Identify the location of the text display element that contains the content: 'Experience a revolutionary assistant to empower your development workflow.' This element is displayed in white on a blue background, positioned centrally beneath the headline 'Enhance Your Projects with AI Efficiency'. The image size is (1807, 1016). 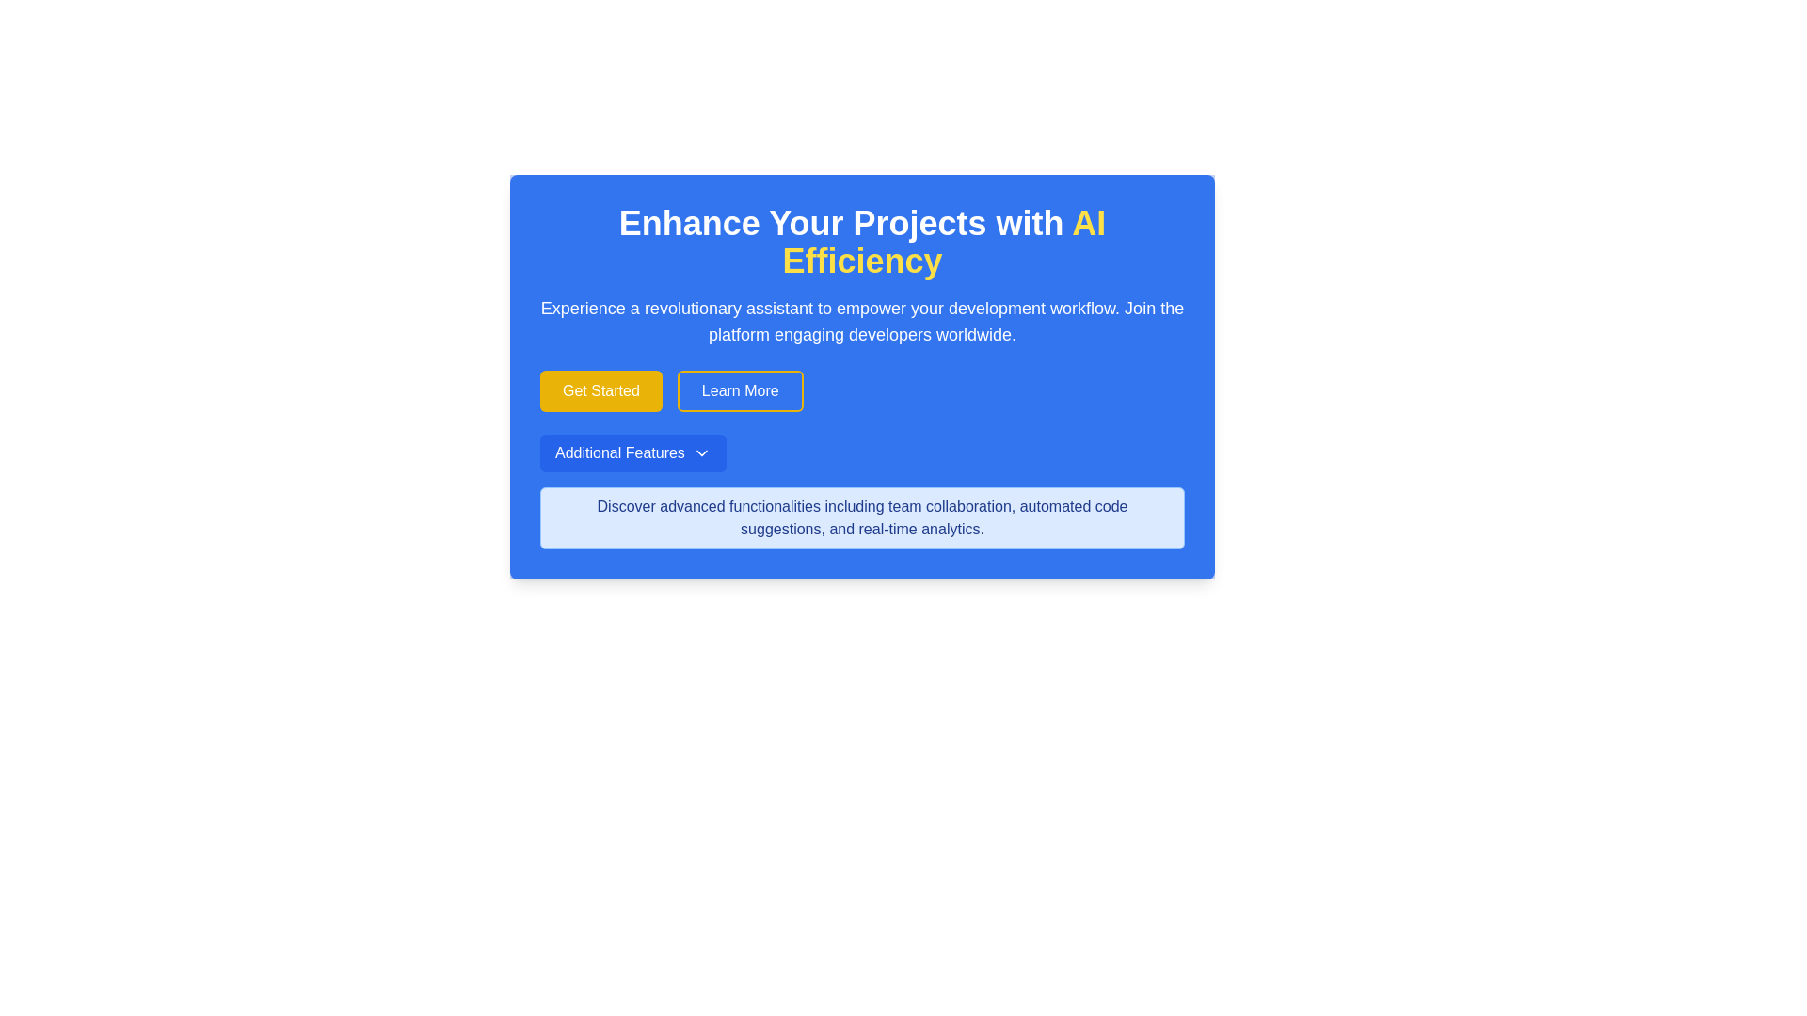
(861, 321).